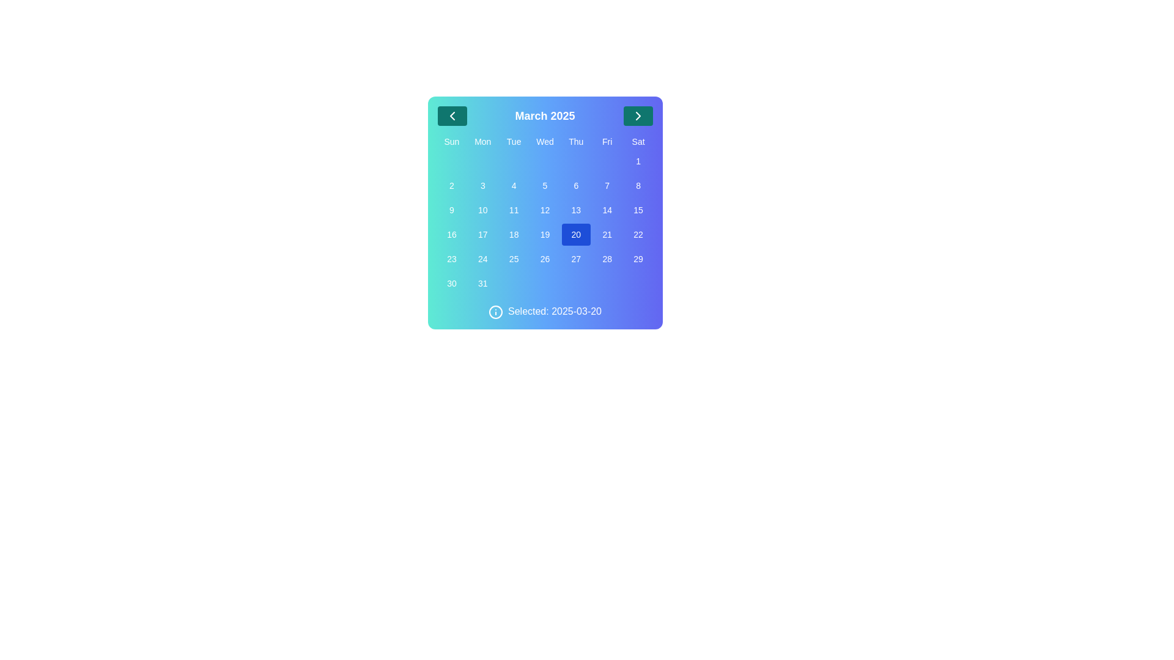  Describe the element at coordinates (514, 209) in the screenshot. I see `the numerical cell displaying '11' in the calendar grid` at that location.